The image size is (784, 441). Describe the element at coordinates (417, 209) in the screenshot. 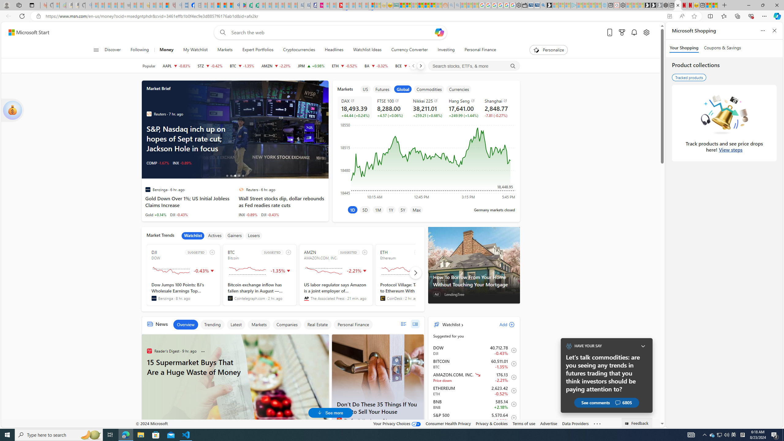

I see `'Max'` at that location.